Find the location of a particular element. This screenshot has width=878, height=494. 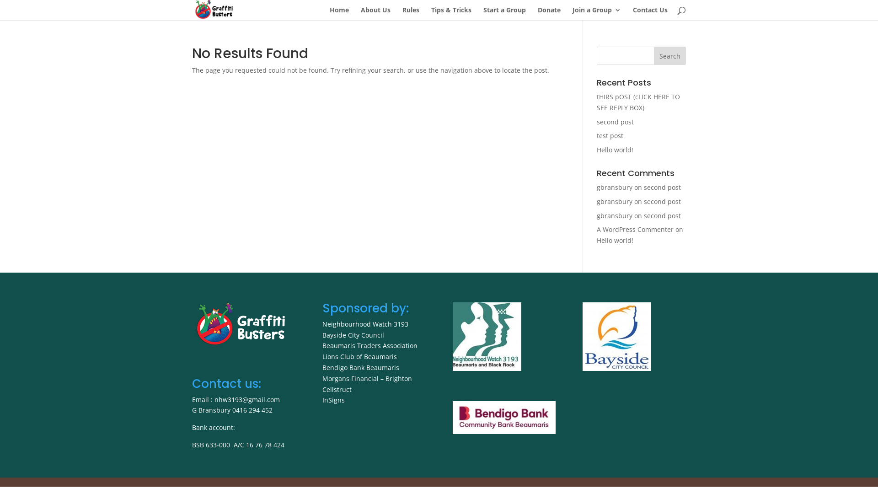

'second post' is located at coordinates (662, 187).